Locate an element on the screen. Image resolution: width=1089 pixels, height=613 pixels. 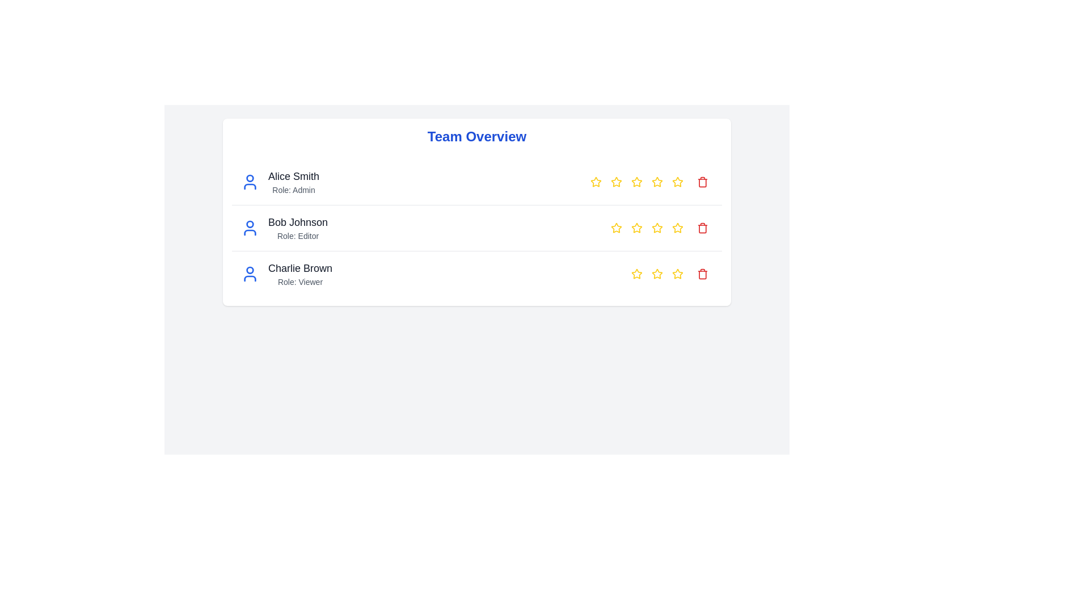
the informational text block displaying 'Charlie Brown' and 'Role: Viewer', which is located to the right of a blue user icon is located at coordinates (300, 274).